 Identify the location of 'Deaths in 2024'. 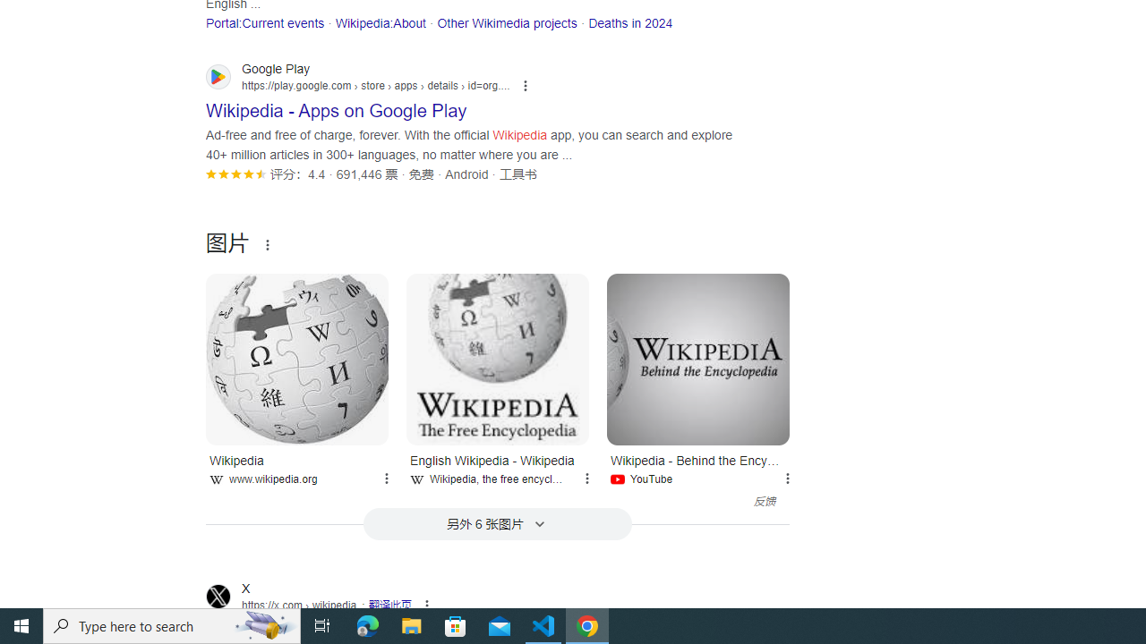
(630, 22).